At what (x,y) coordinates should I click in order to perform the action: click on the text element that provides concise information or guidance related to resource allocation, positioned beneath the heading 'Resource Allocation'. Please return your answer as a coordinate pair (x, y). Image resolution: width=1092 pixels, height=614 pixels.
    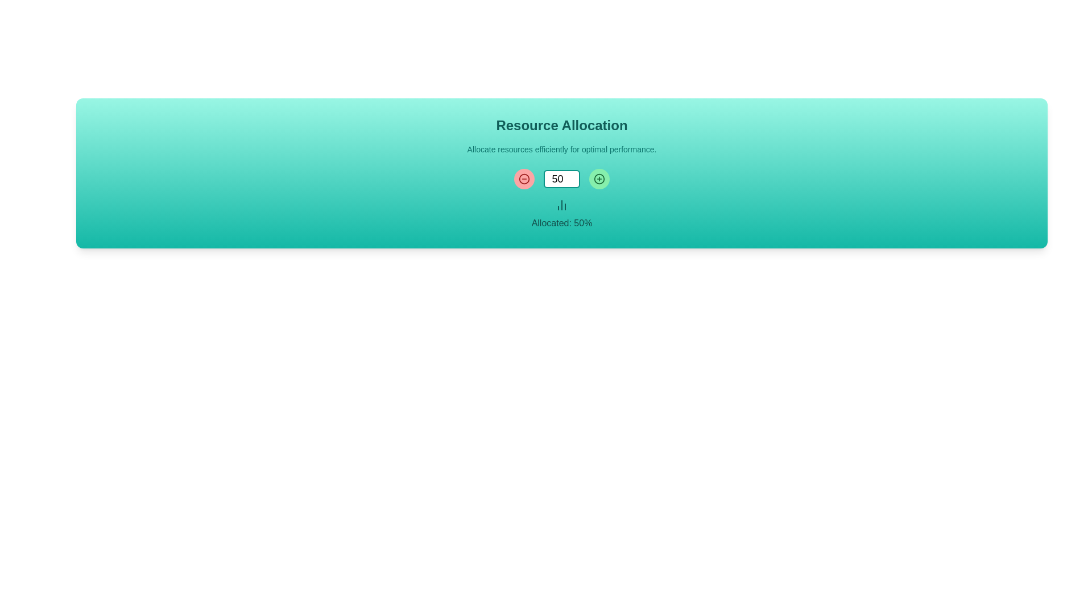
    Looking at the image, I should click on (562, 148).